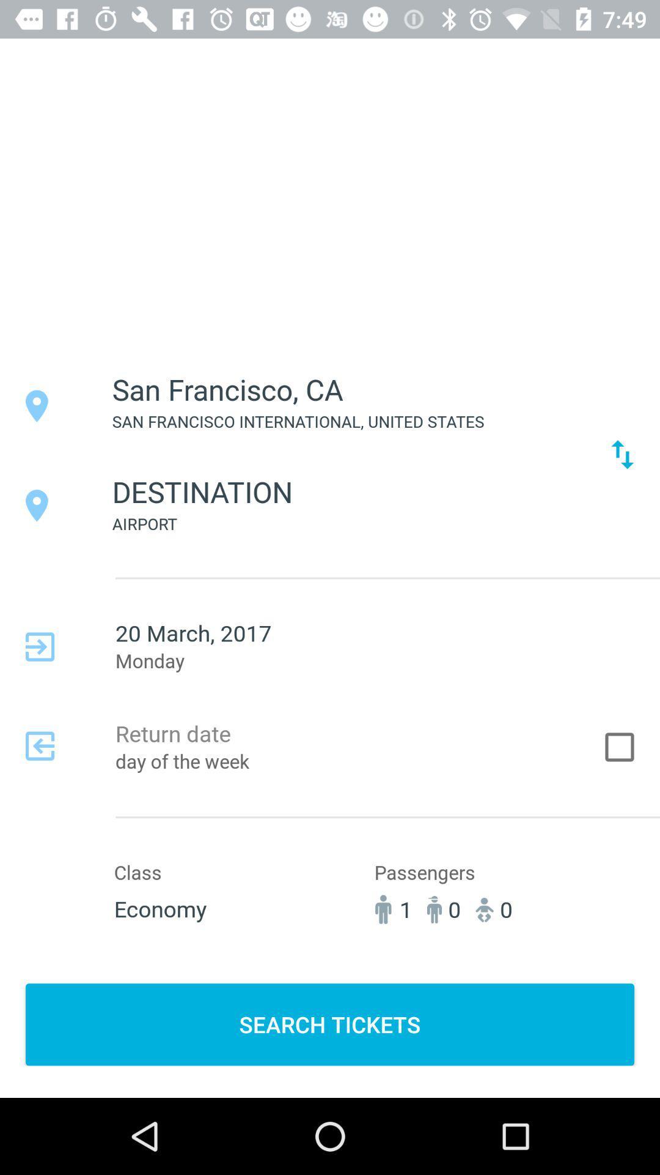 Image resolution: width=660 pixels, height=1175 pixels. Describe the element at coordinates (622, 453) in the screenshot. I see `the item to the right of the san francisco international icon` at that location.